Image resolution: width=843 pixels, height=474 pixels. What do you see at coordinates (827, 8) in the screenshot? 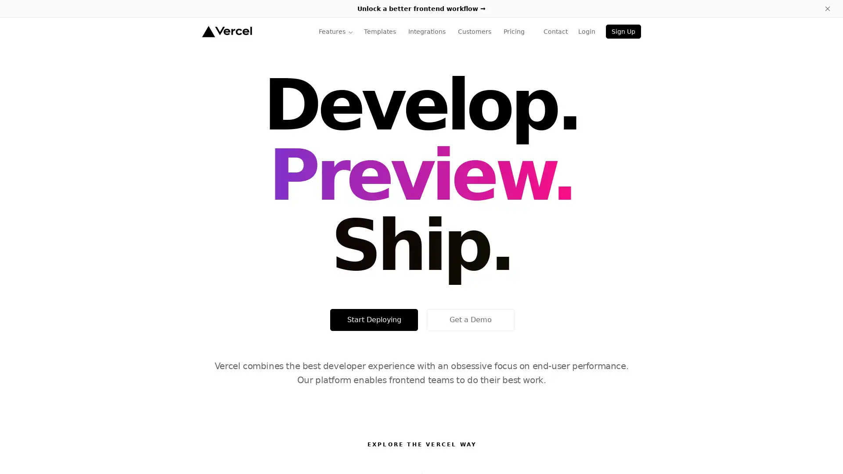
I see `Hide banner` at bounding box center [827, 8].